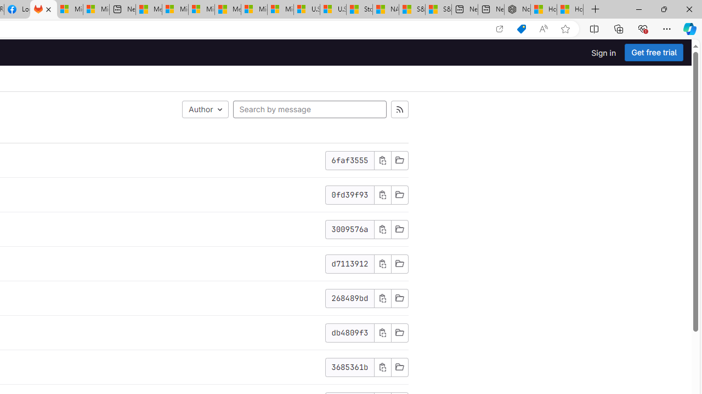 The height and width of the screenshot is (394, 702). Describe the element at coordinates (399, 109) in the screenshot. I see `'Commits feed'` at that location.